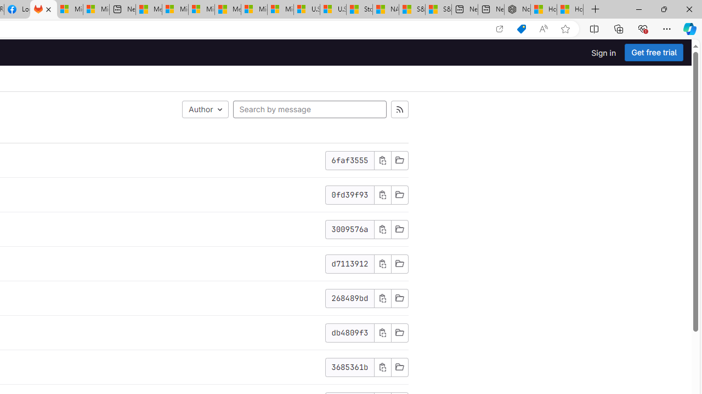 The height and width of the screenshot is (394, 702). Describe the element at coordinates (399, 109) in the screenshot. I see `'Commits feed'` at that location.